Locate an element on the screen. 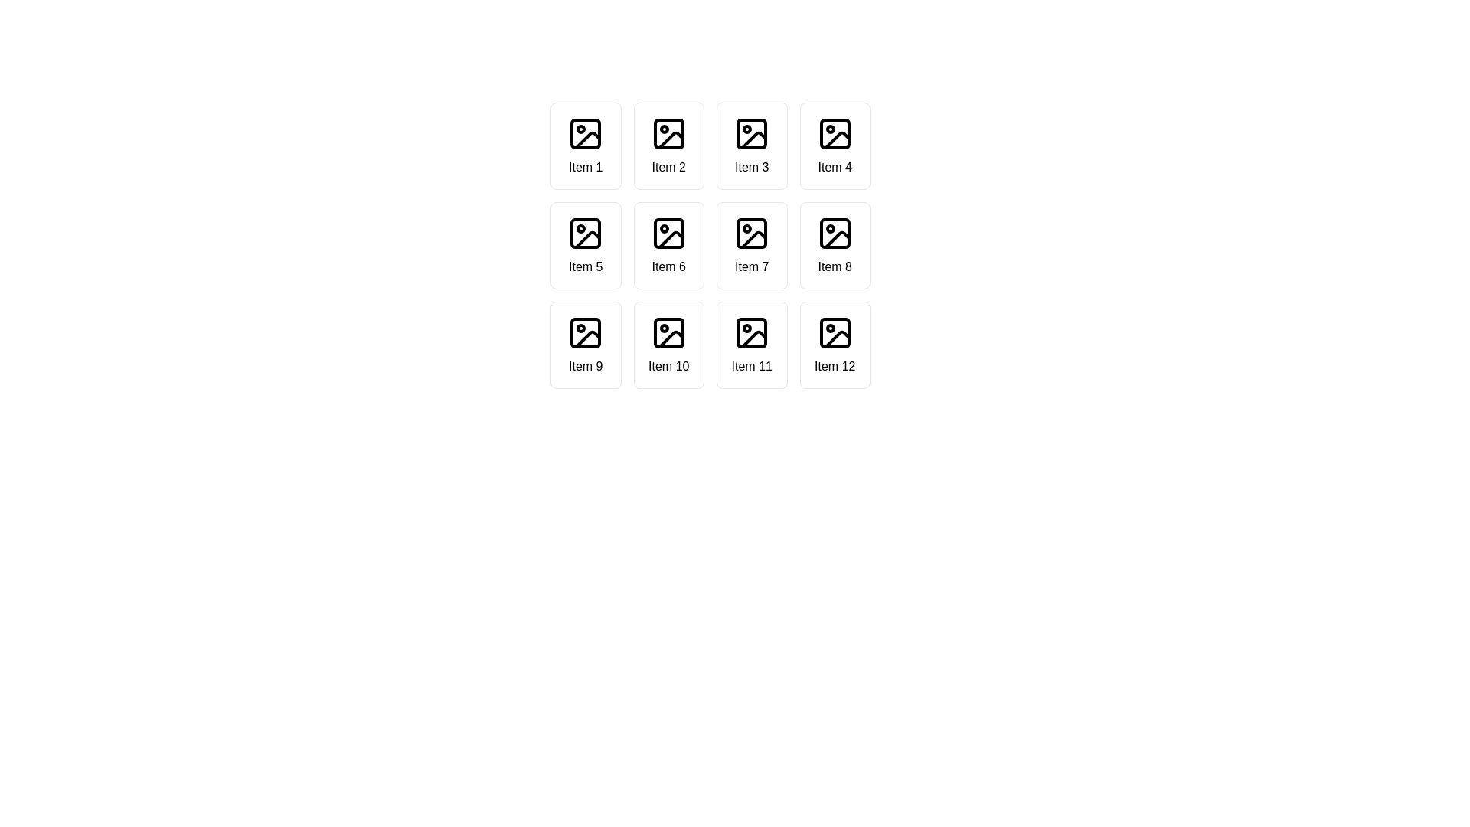  the graphic element that represents the frame or outline of a picture within the icon of the seventh grid item labeled 'Item 7' in the third row of a four-by-three grid is located at coordinates (752, 233).